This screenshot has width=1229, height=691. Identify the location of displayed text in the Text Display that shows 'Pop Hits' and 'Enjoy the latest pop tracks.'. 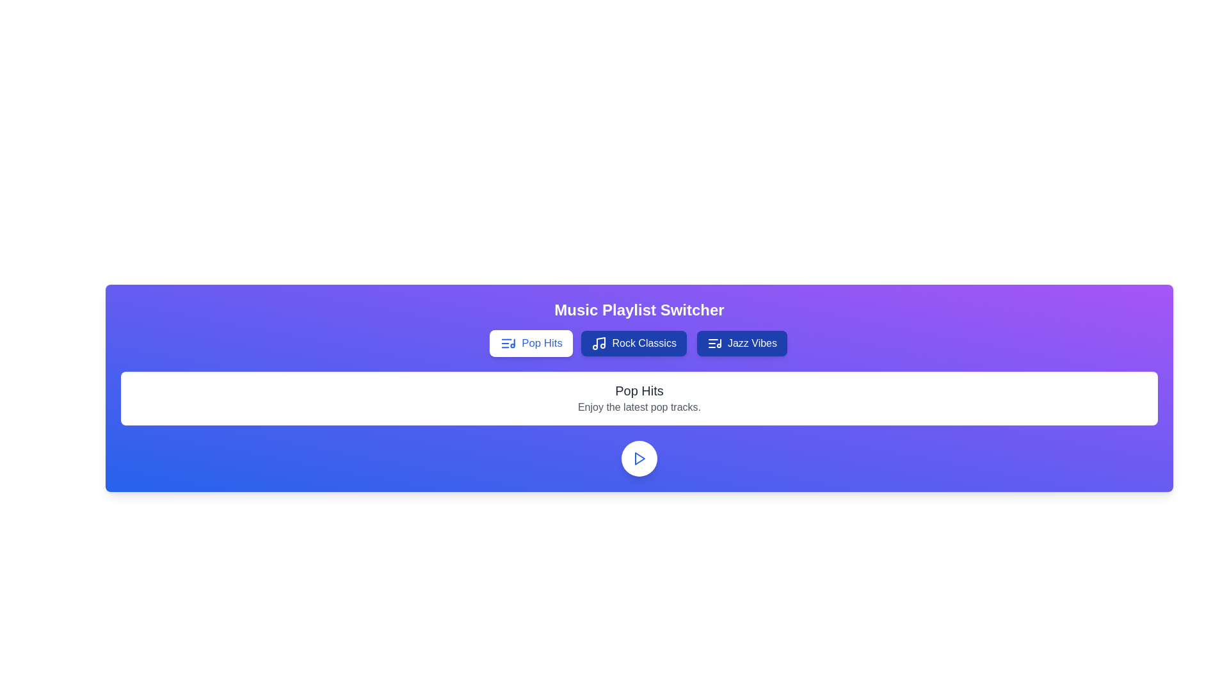
(639, 398).